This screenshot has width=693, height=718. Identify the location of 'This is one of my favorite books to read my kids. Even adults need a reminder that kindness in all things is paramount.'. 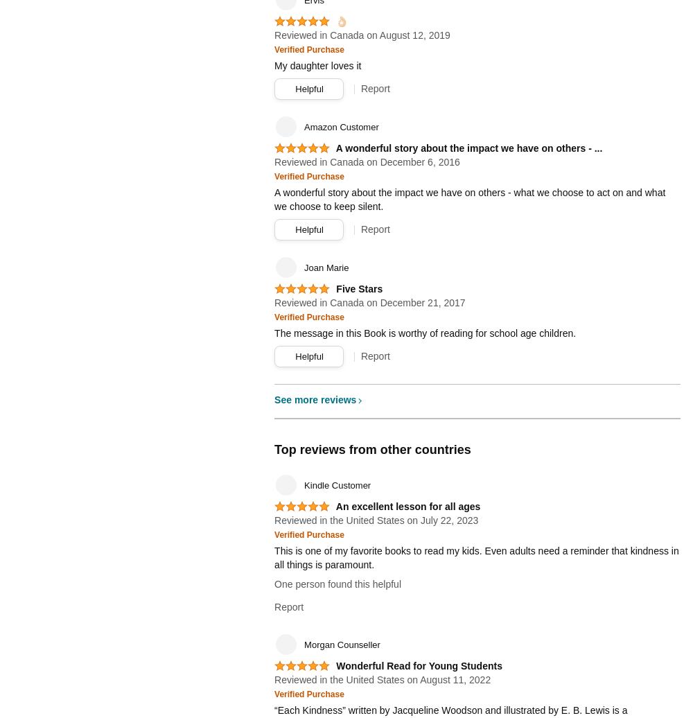
(274, 557).